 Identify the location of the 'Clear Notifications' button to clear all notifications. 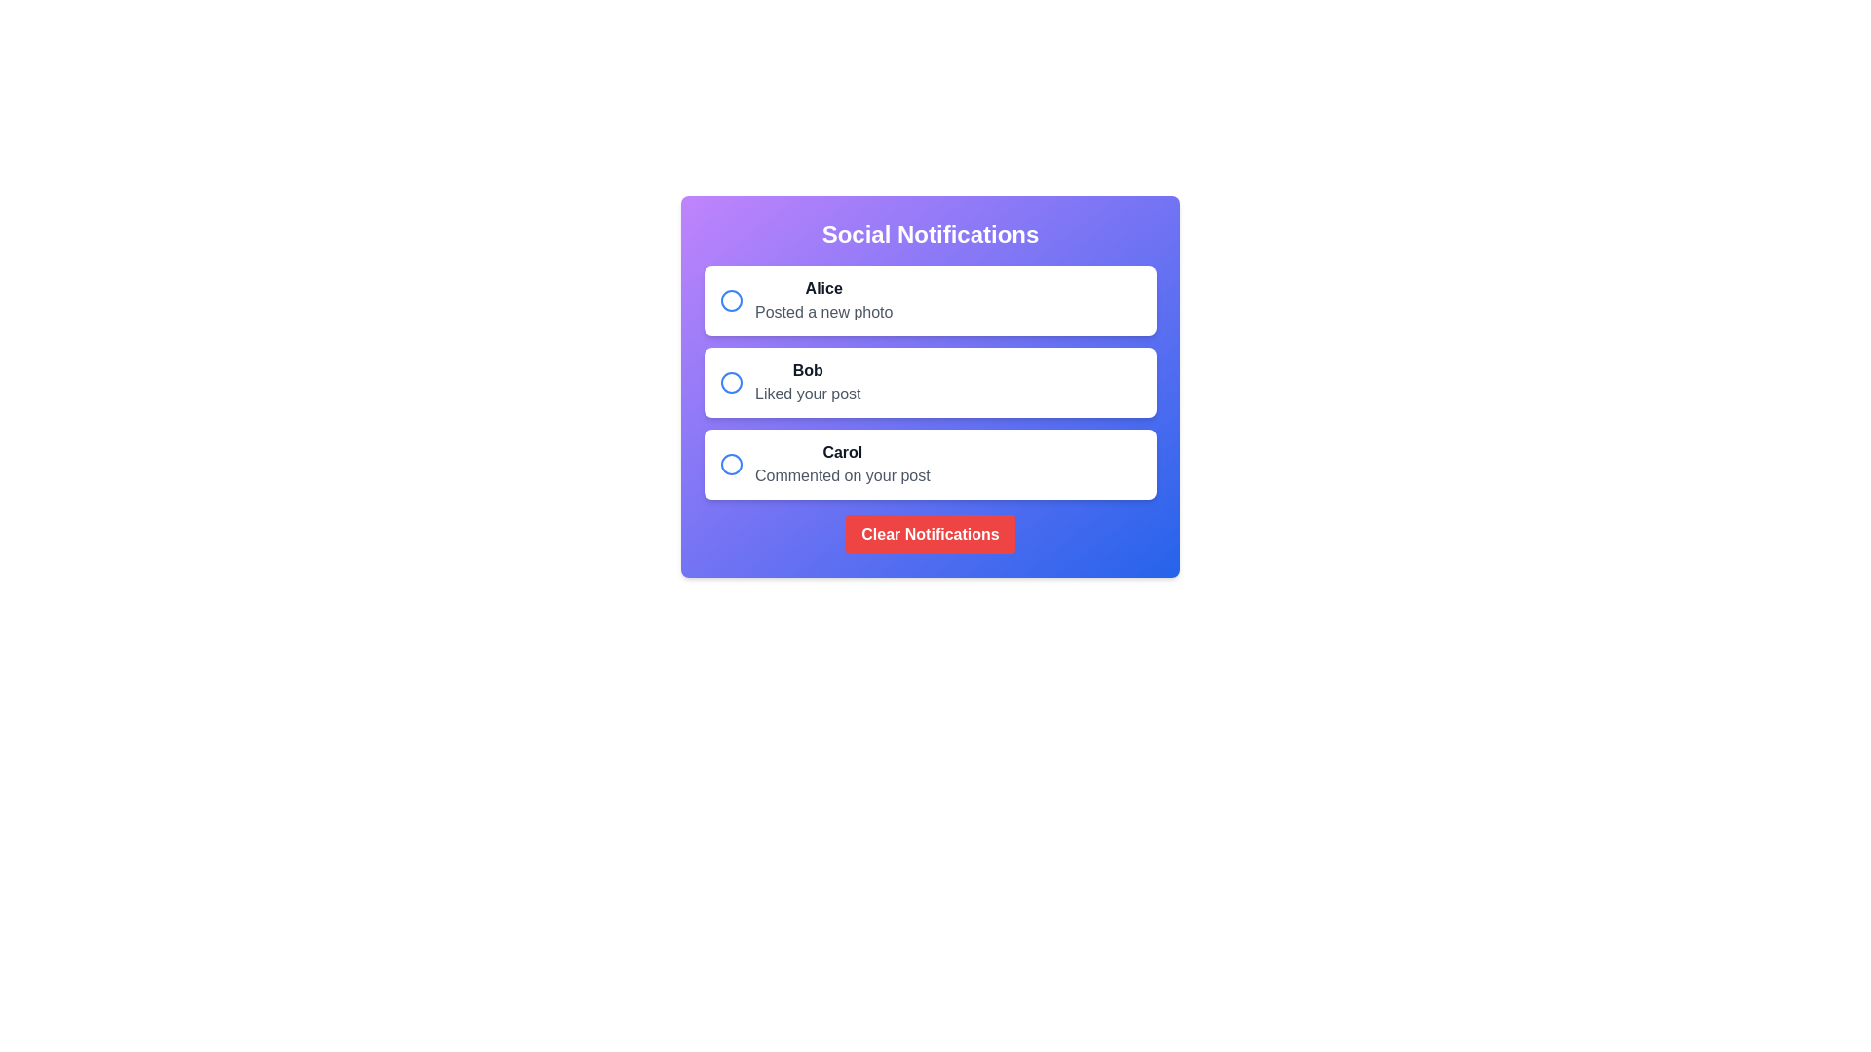
(930, 534).